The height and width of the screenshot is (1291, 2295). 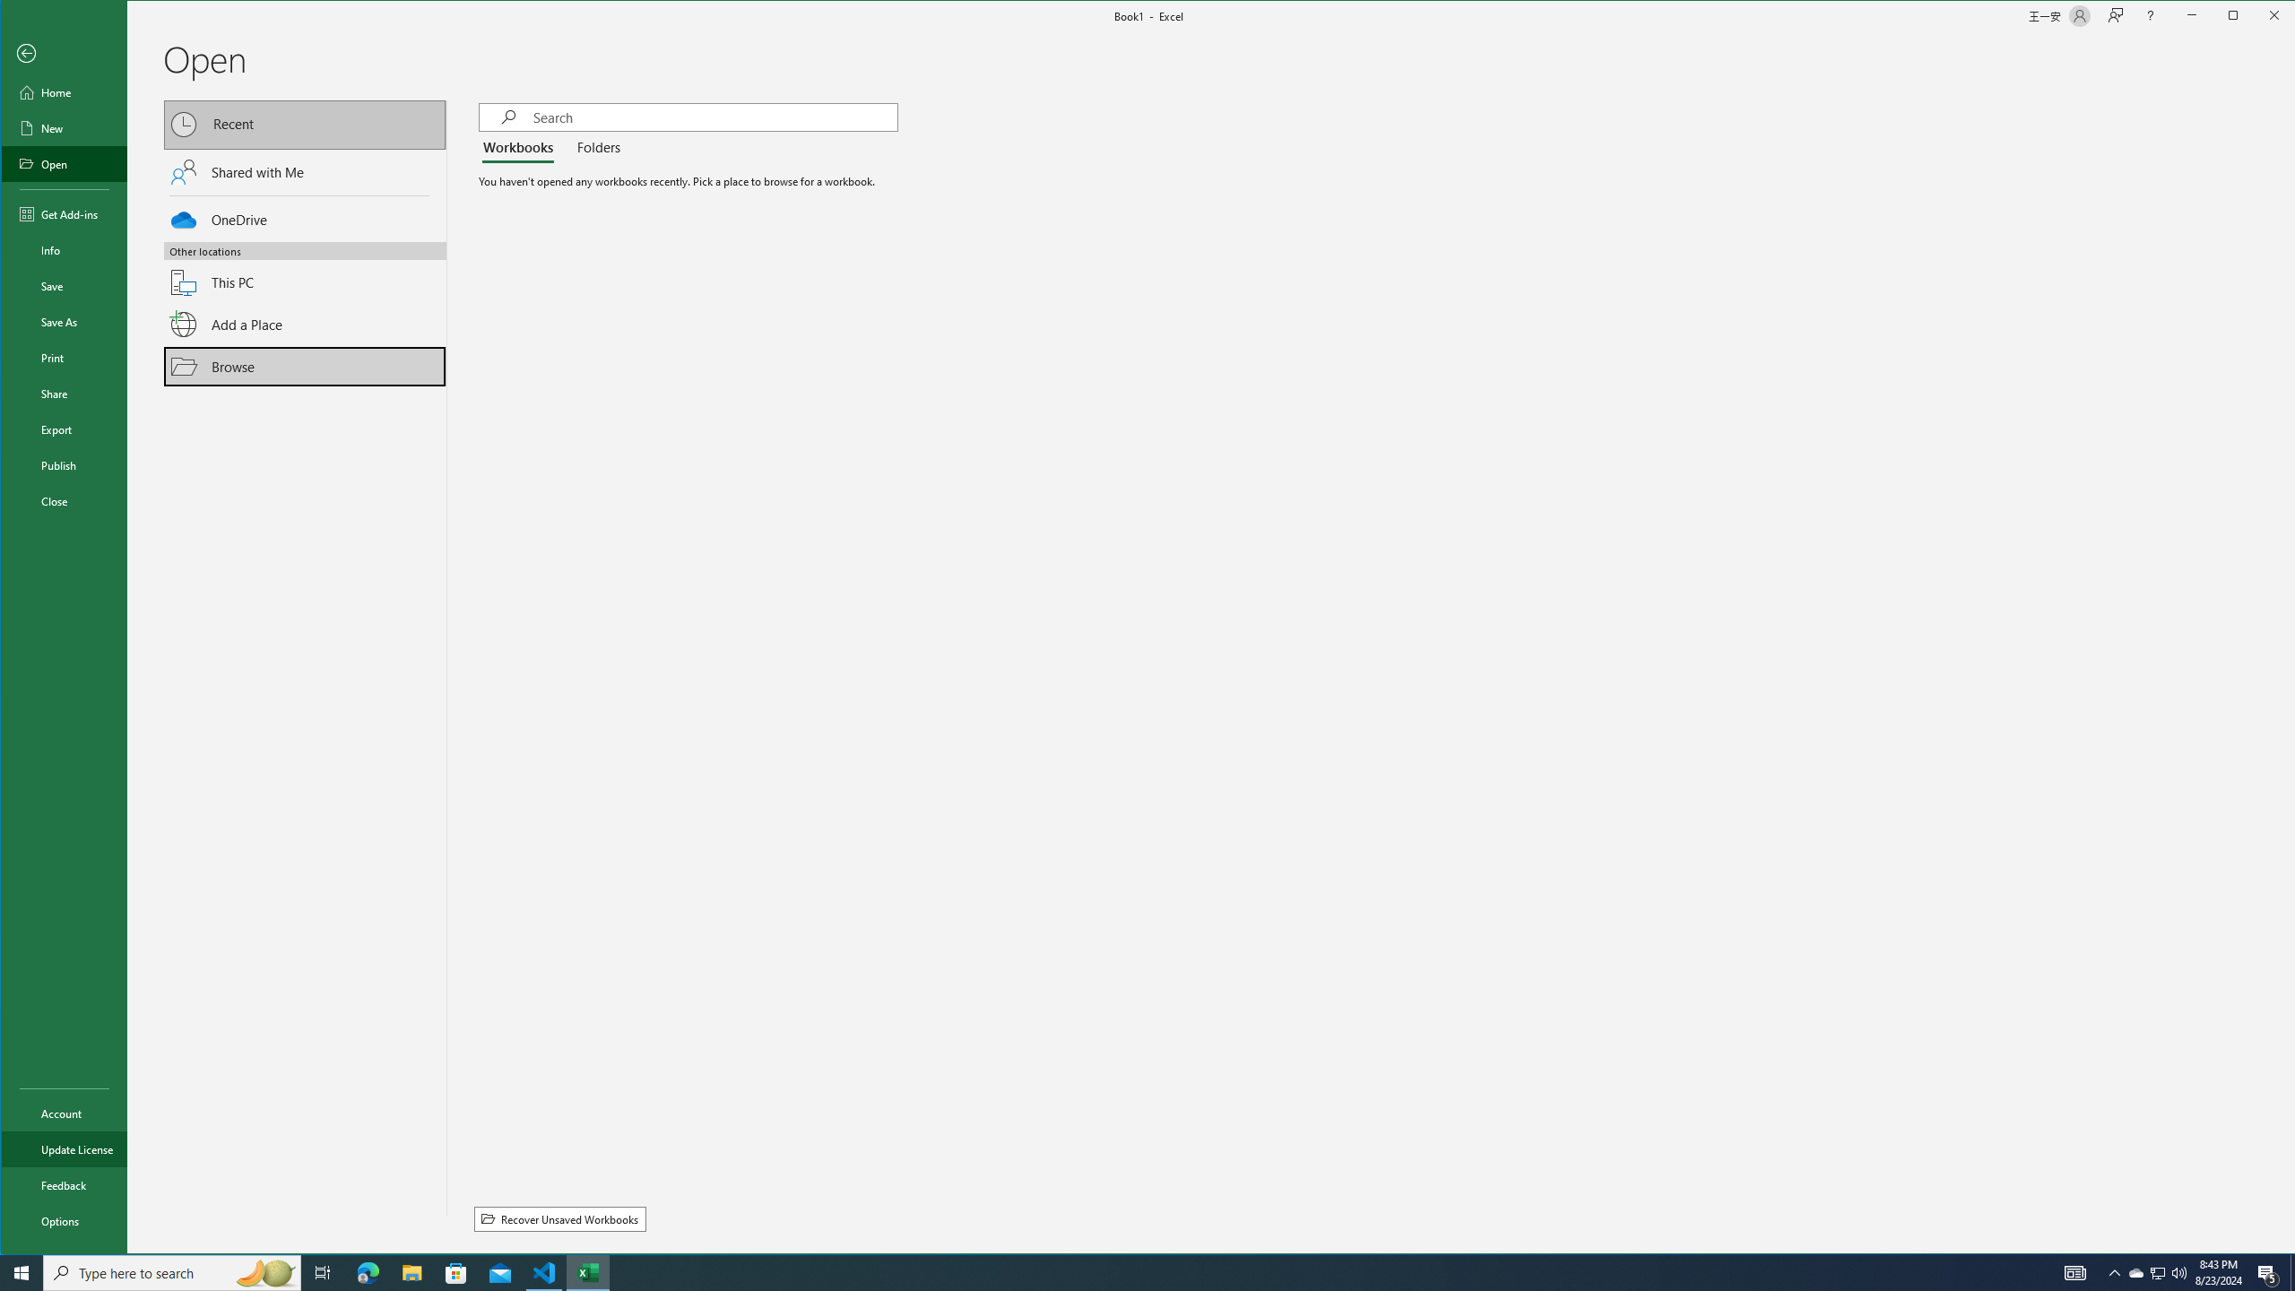 What do you see at coordinates (304, 365) in the screenshot?
I see `'Browse'` at bounding box center [304, 365].